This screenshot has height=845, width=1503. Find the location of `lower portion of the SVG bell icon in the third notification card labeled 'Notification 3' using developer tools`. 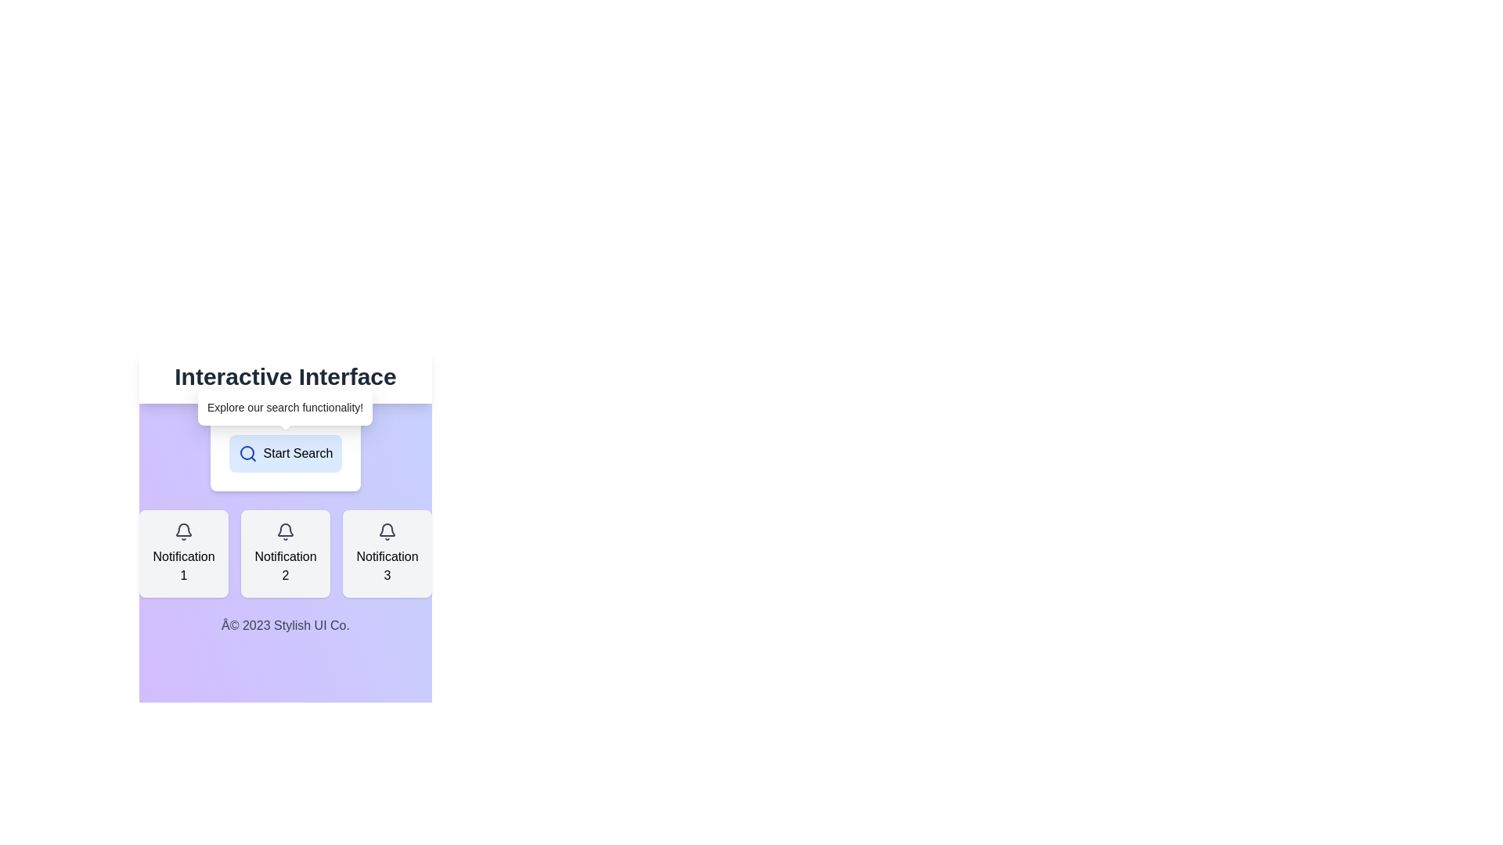

lower portion of the SVG bell icon in the third notification card labeled 'Notification 3' using developer tools is located at coordinates (387, 529).